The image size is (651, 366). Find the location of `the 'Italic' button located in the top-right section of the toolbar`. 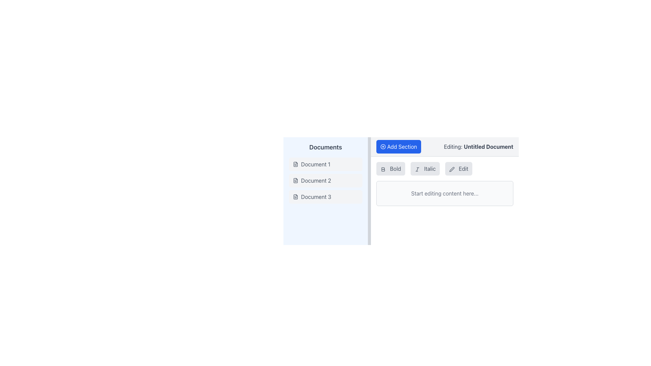

the 'Italic' button located in the top-right section of the toolbar is located at coordinates (425, 168).